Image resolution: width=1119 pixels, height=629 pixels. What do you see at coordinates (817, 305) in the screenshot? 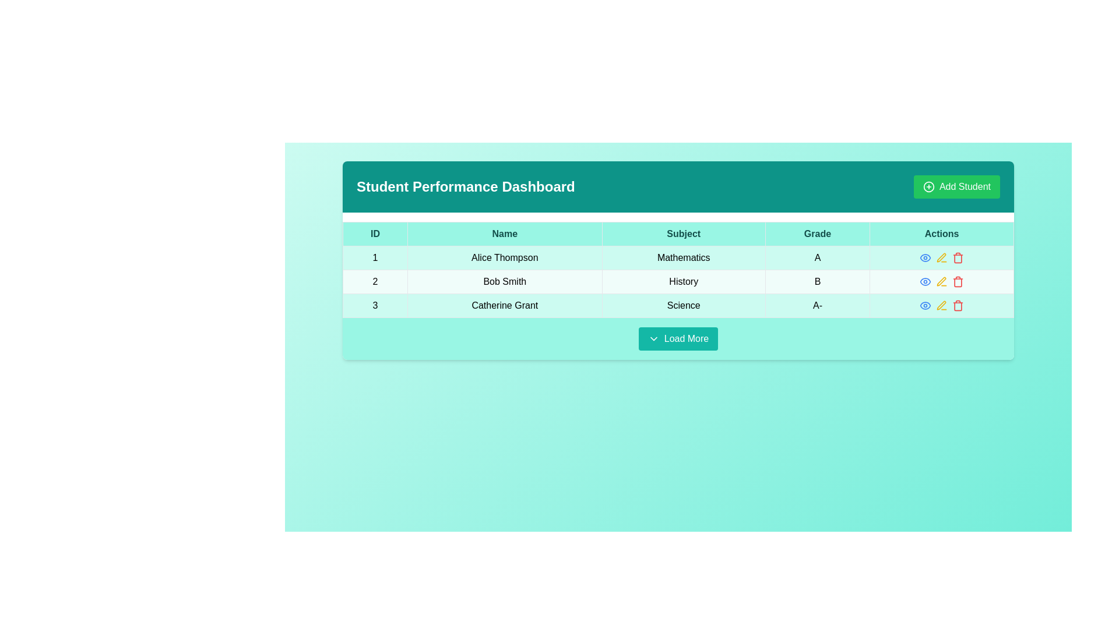
I see `the text label displaying 'A-' in bold style located in the 'Grade' column for 'Catherine Grant' in the Student Performance Dashboard` at bounding box center [817, 305].